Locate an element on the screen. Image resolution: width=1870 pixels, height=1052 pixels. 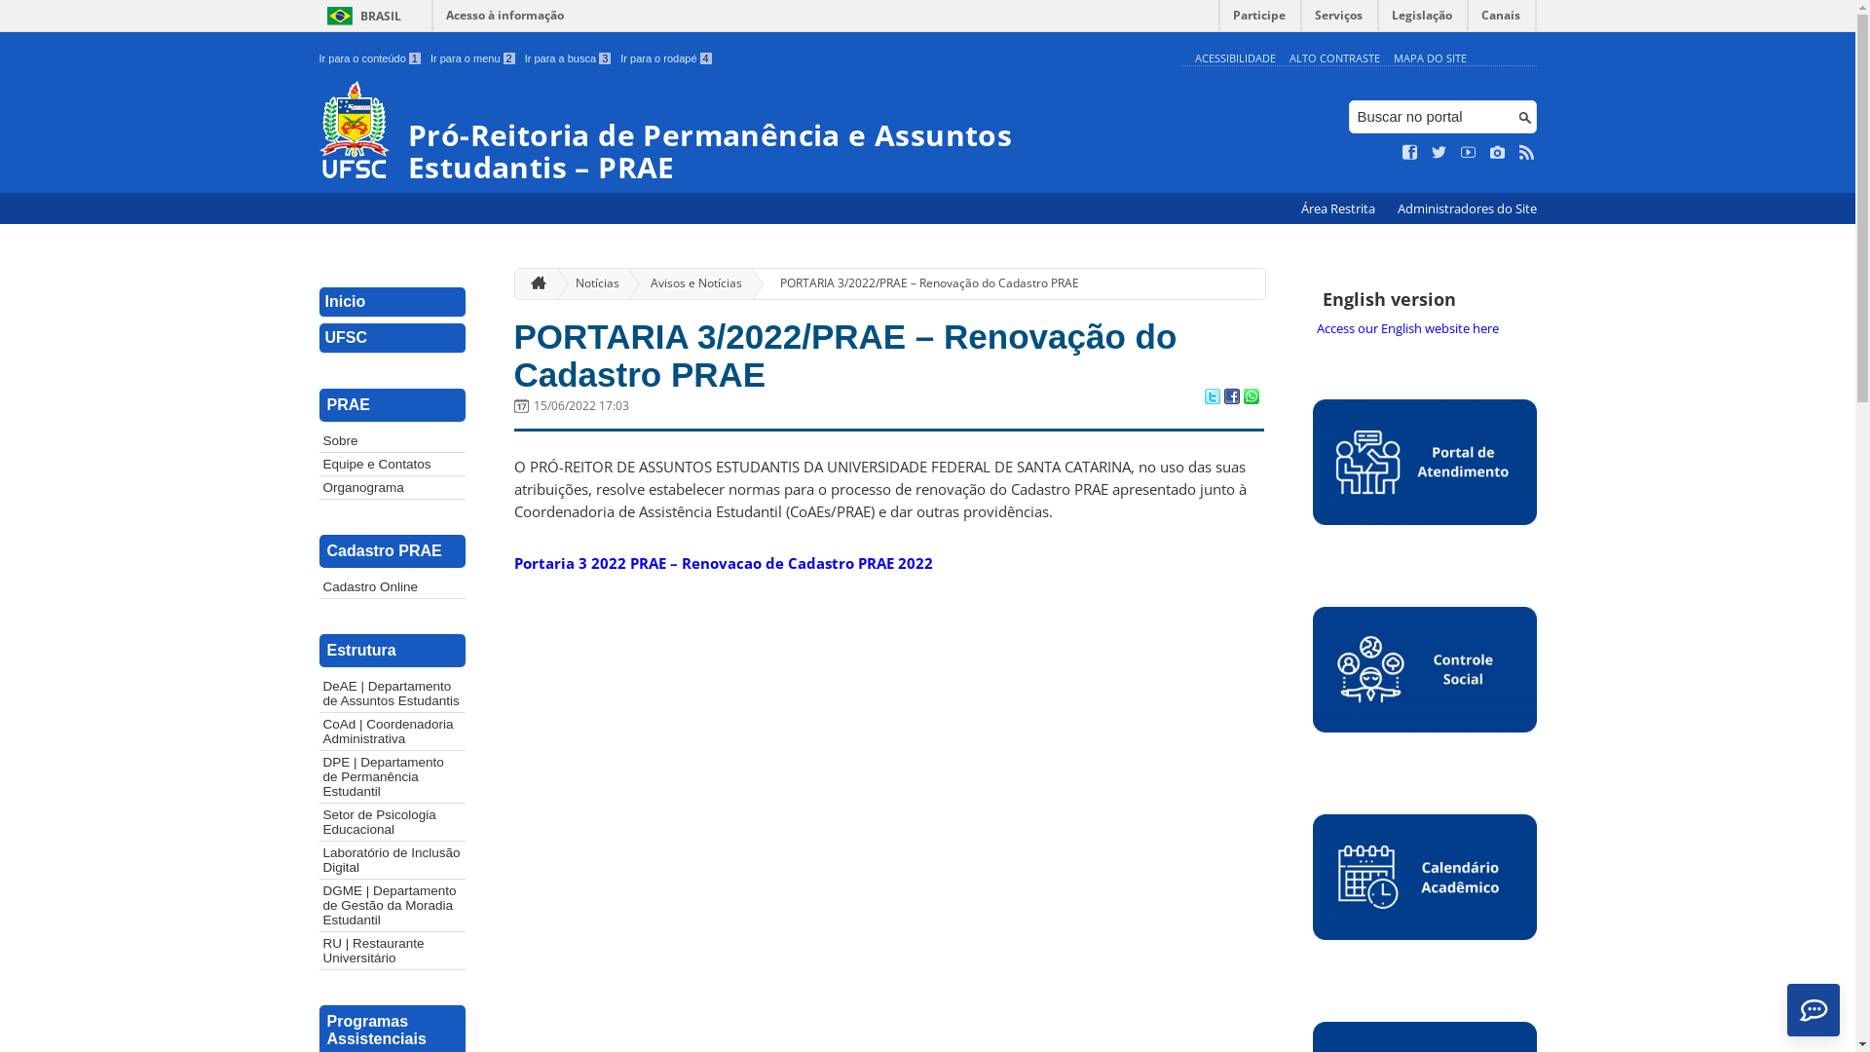
'Ir para a busca 3' is located at coordinates (567, 57).